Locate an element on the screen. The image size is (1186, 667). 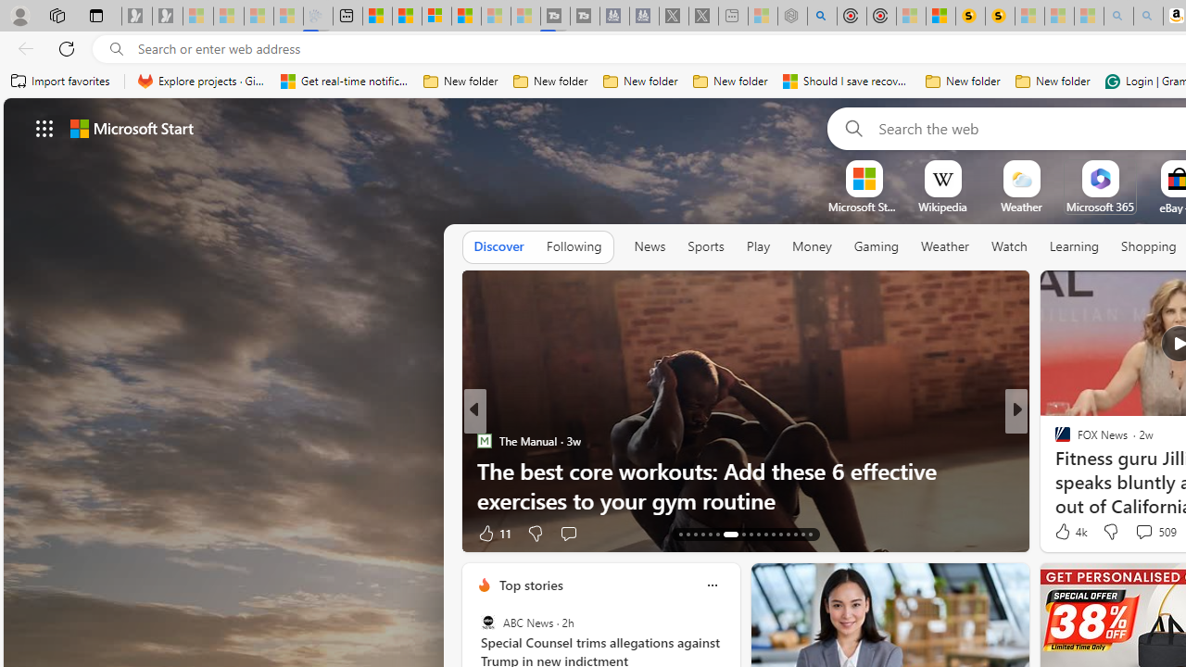
'AutomationID: tab-18' is located at coordinates (717, 535).